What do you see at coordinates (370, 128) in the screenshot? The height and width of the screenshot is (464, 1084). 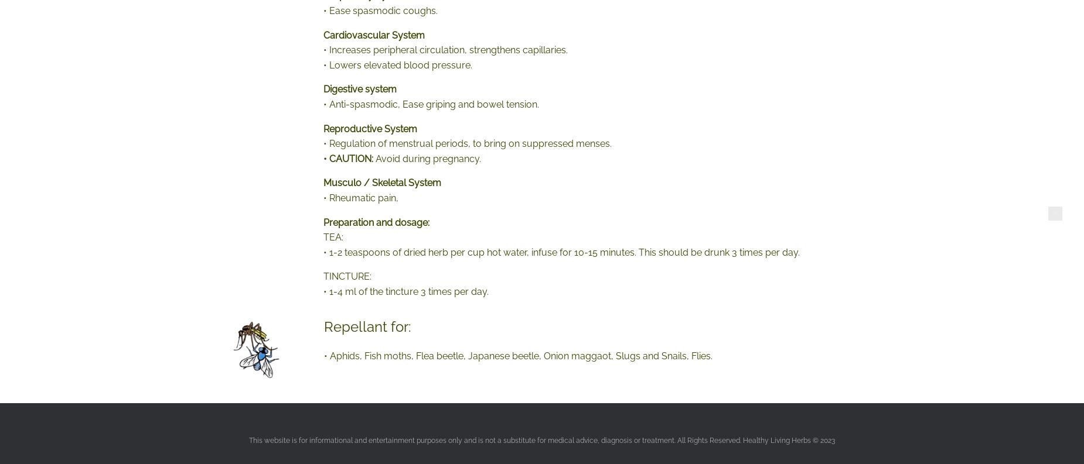 I see `'Reproductive System'` at bounding box center [370, 128].